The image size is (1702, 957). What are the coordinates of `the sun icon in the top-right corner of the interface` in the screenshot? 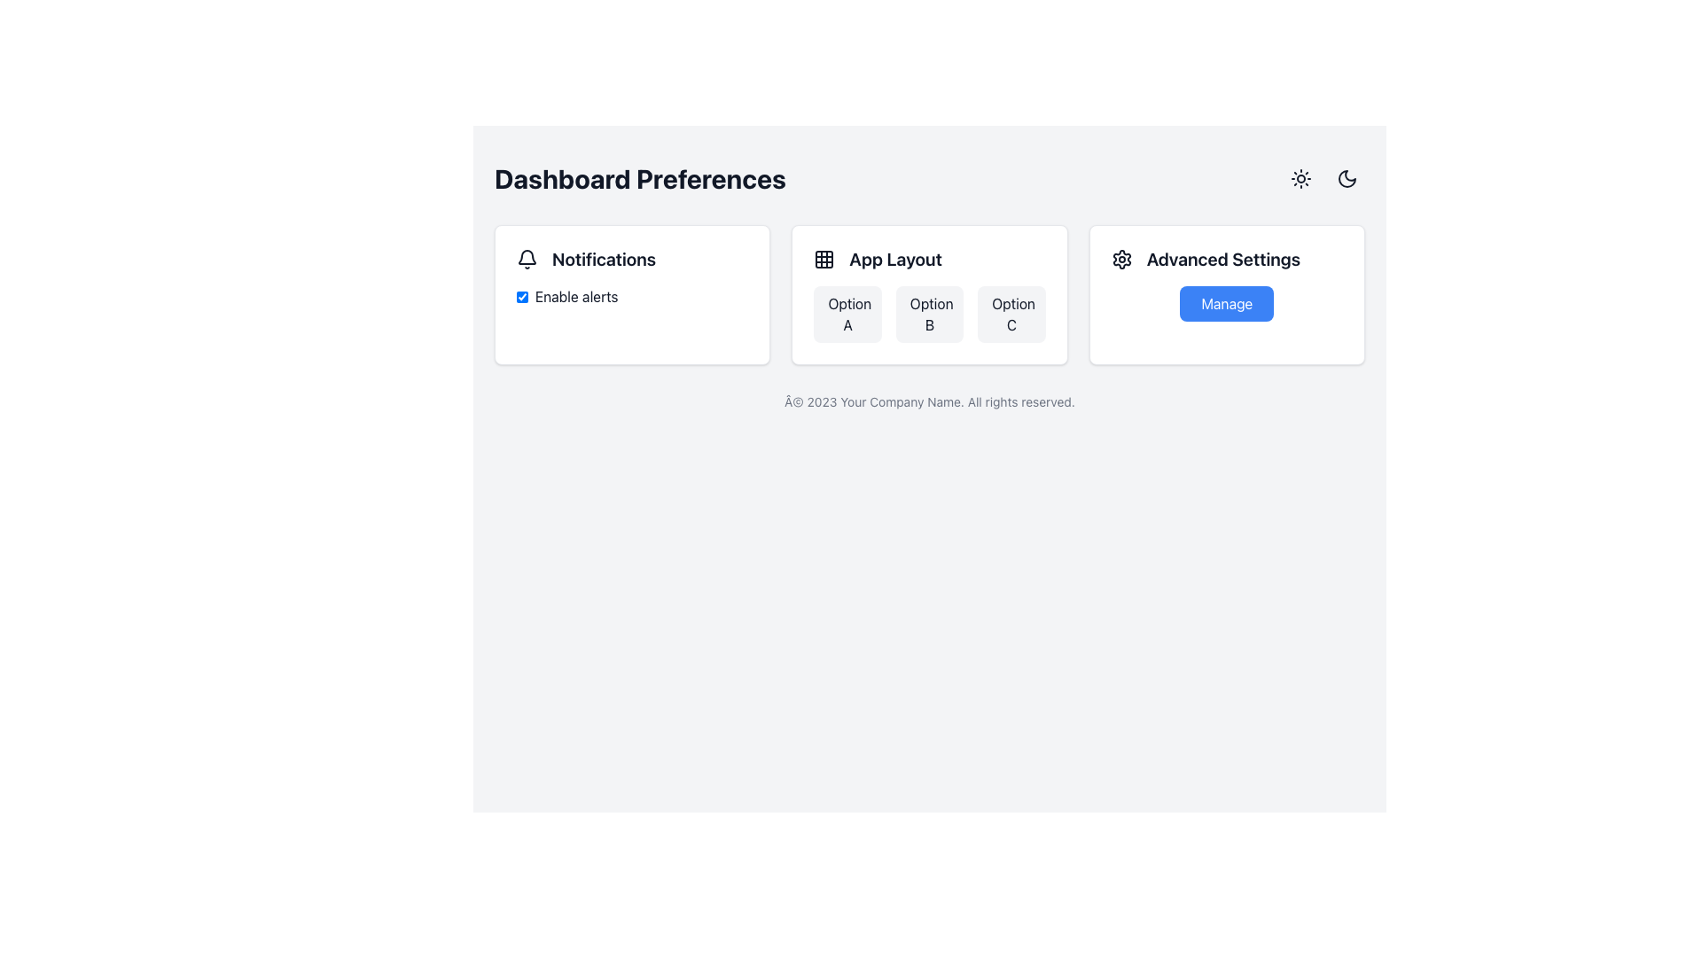 It's located at (1301, 178).